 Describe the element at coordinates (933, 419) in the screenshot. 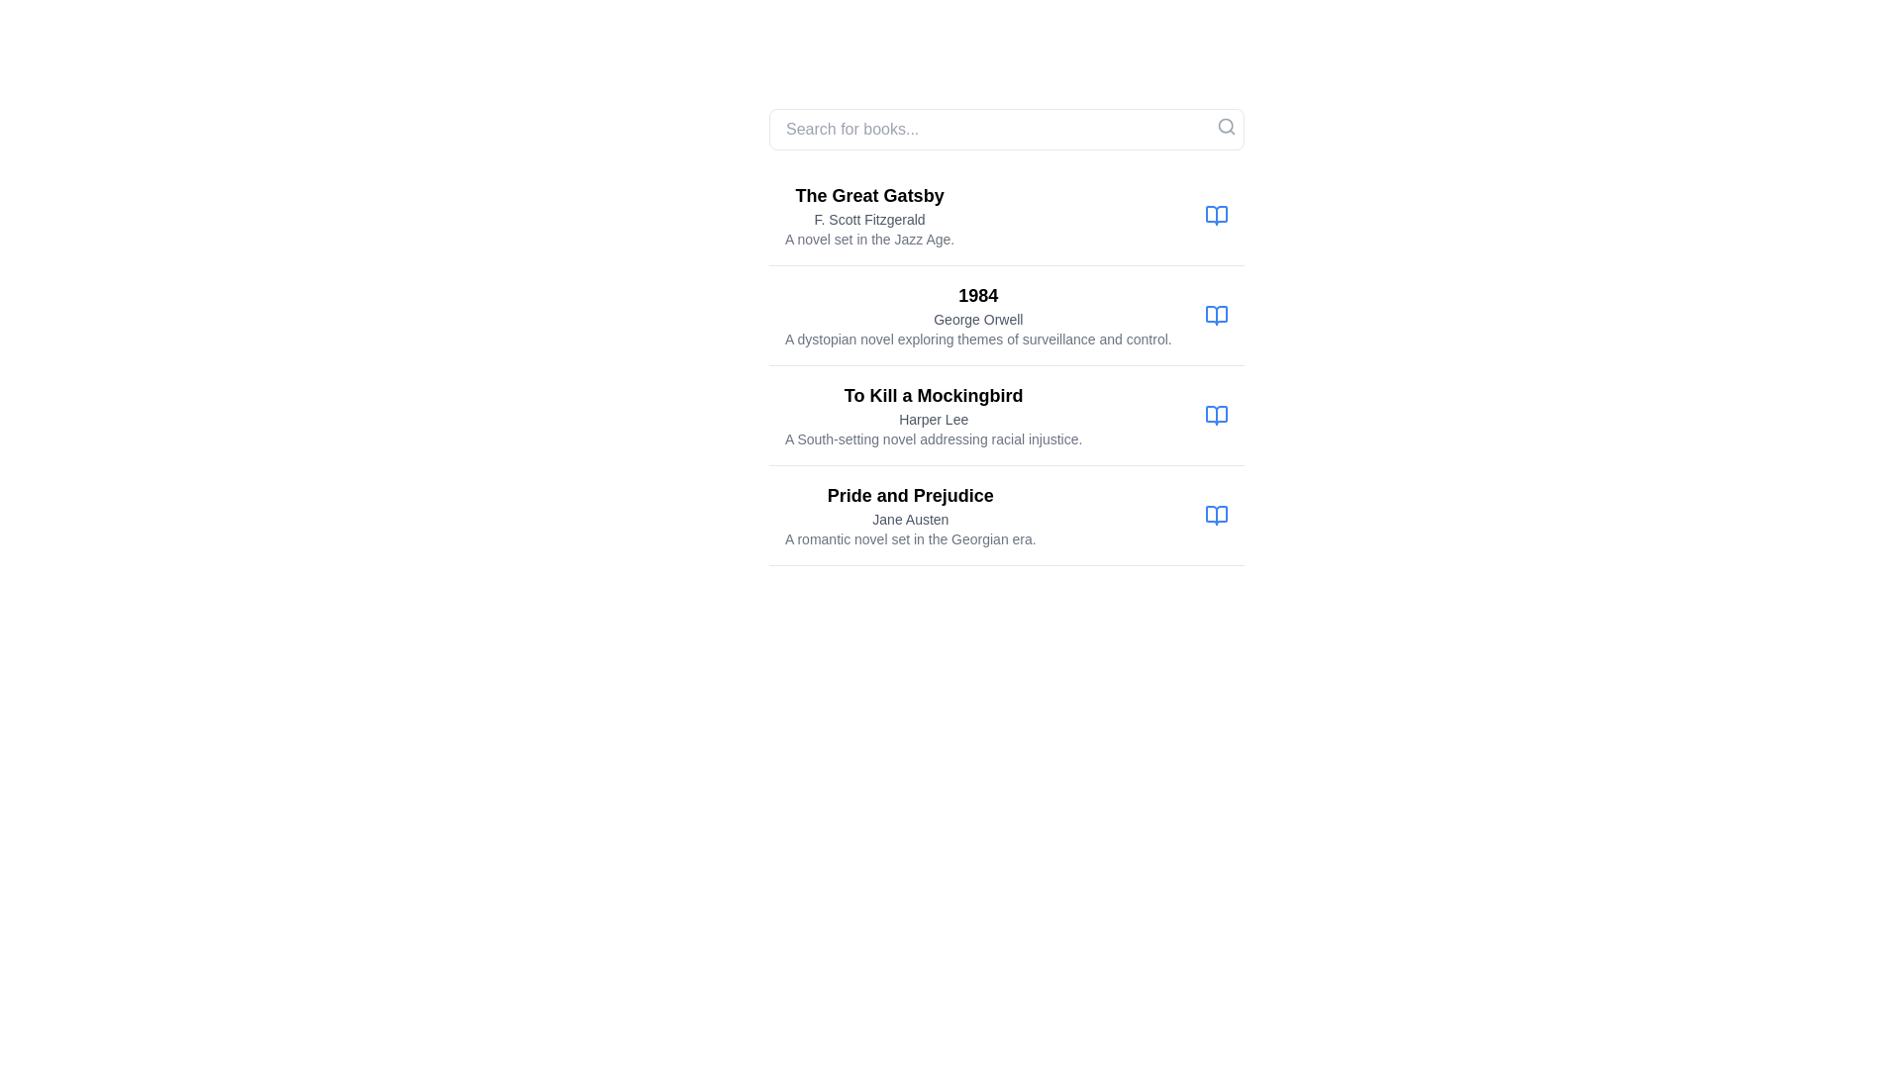

I see `the static text label indicating the author of the book 'To Kill a Mockingbird', located above the description text` at that location.